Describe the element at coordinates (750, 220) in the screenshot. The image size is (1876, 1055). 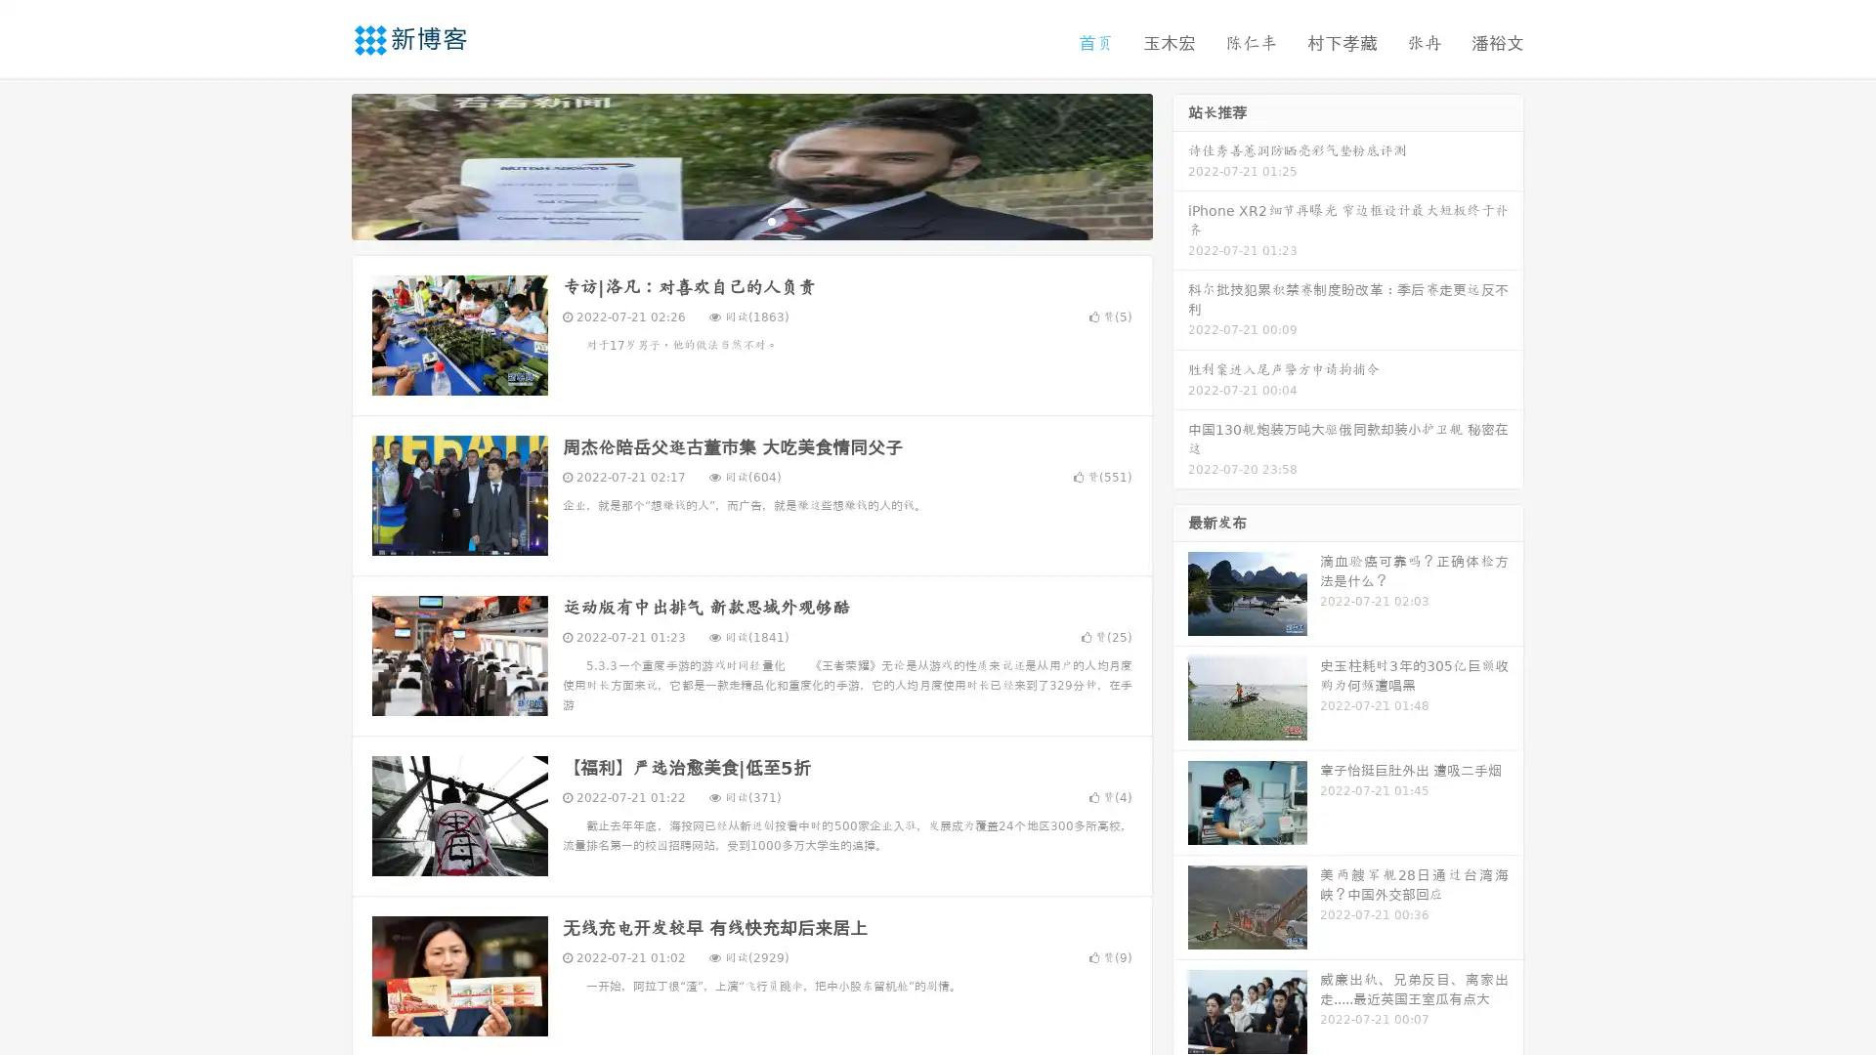
I see `Go to slide 2` at that location.